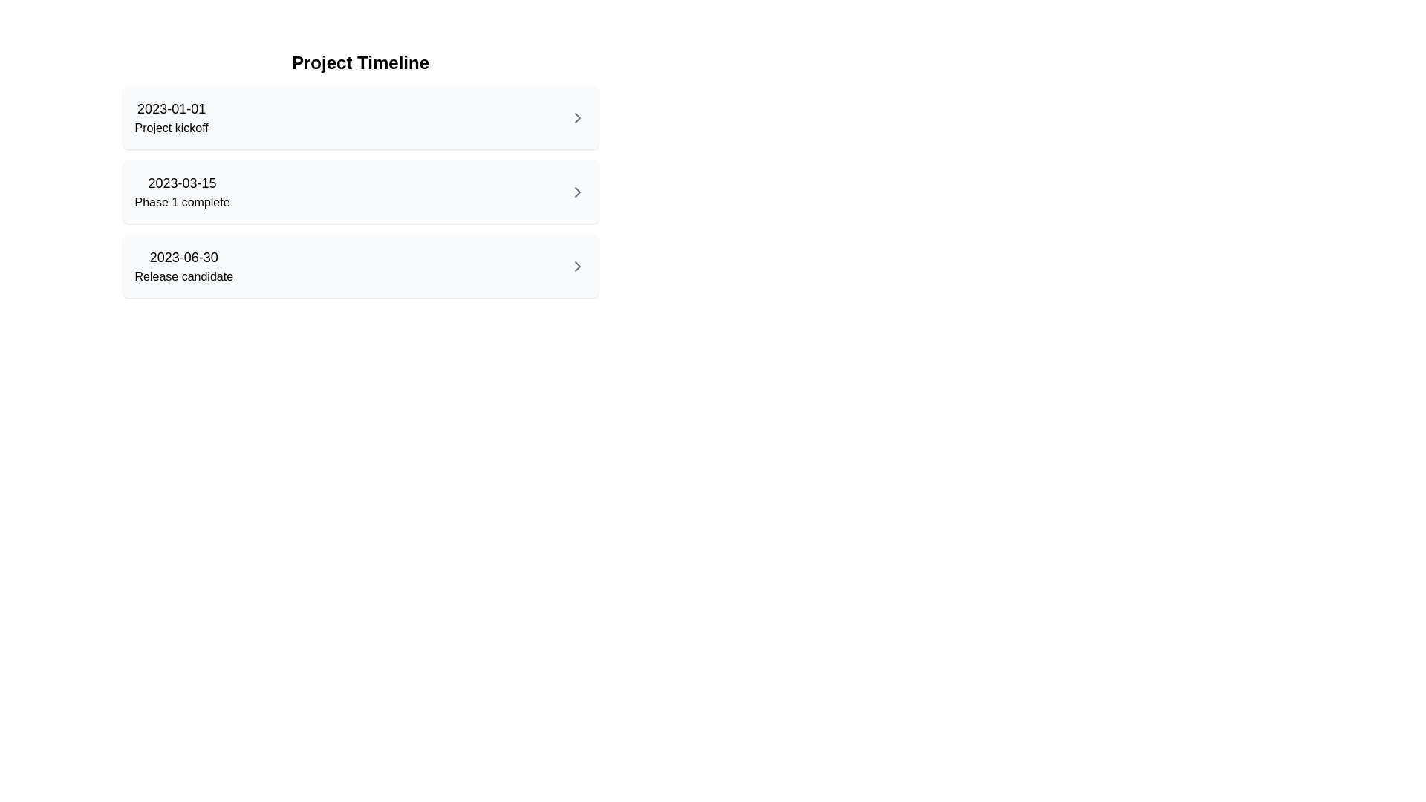 The height and width of the screenshot is (802, 1426). What do you see at coordinates (360, 265) in the screenshot?
I see `the third item in the 'Project Timeline' list` at bounding box center [360, 265].